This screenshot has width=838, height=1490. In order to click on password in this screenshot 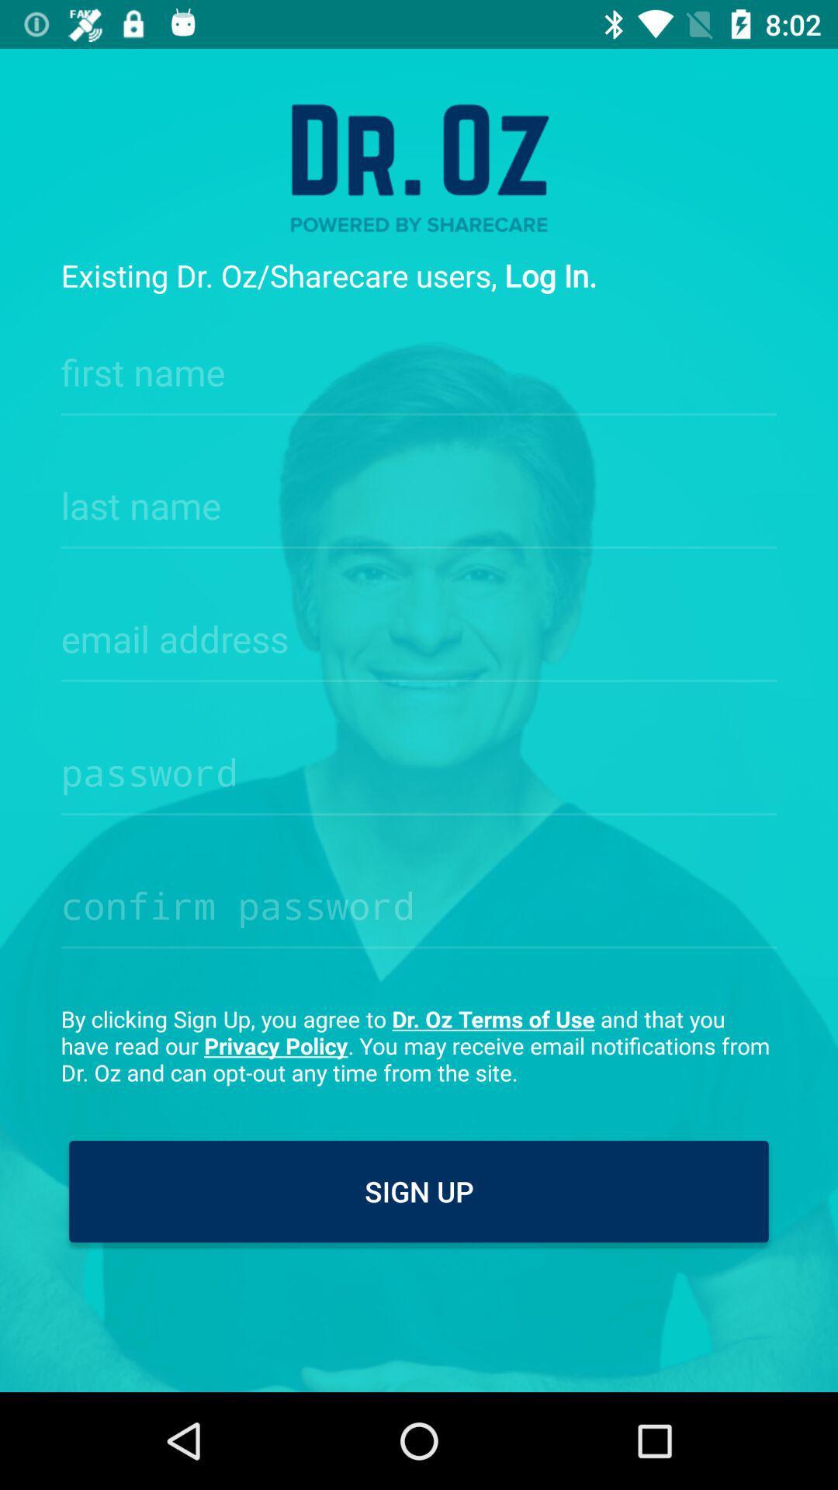, I will do `click(419, 768)`.